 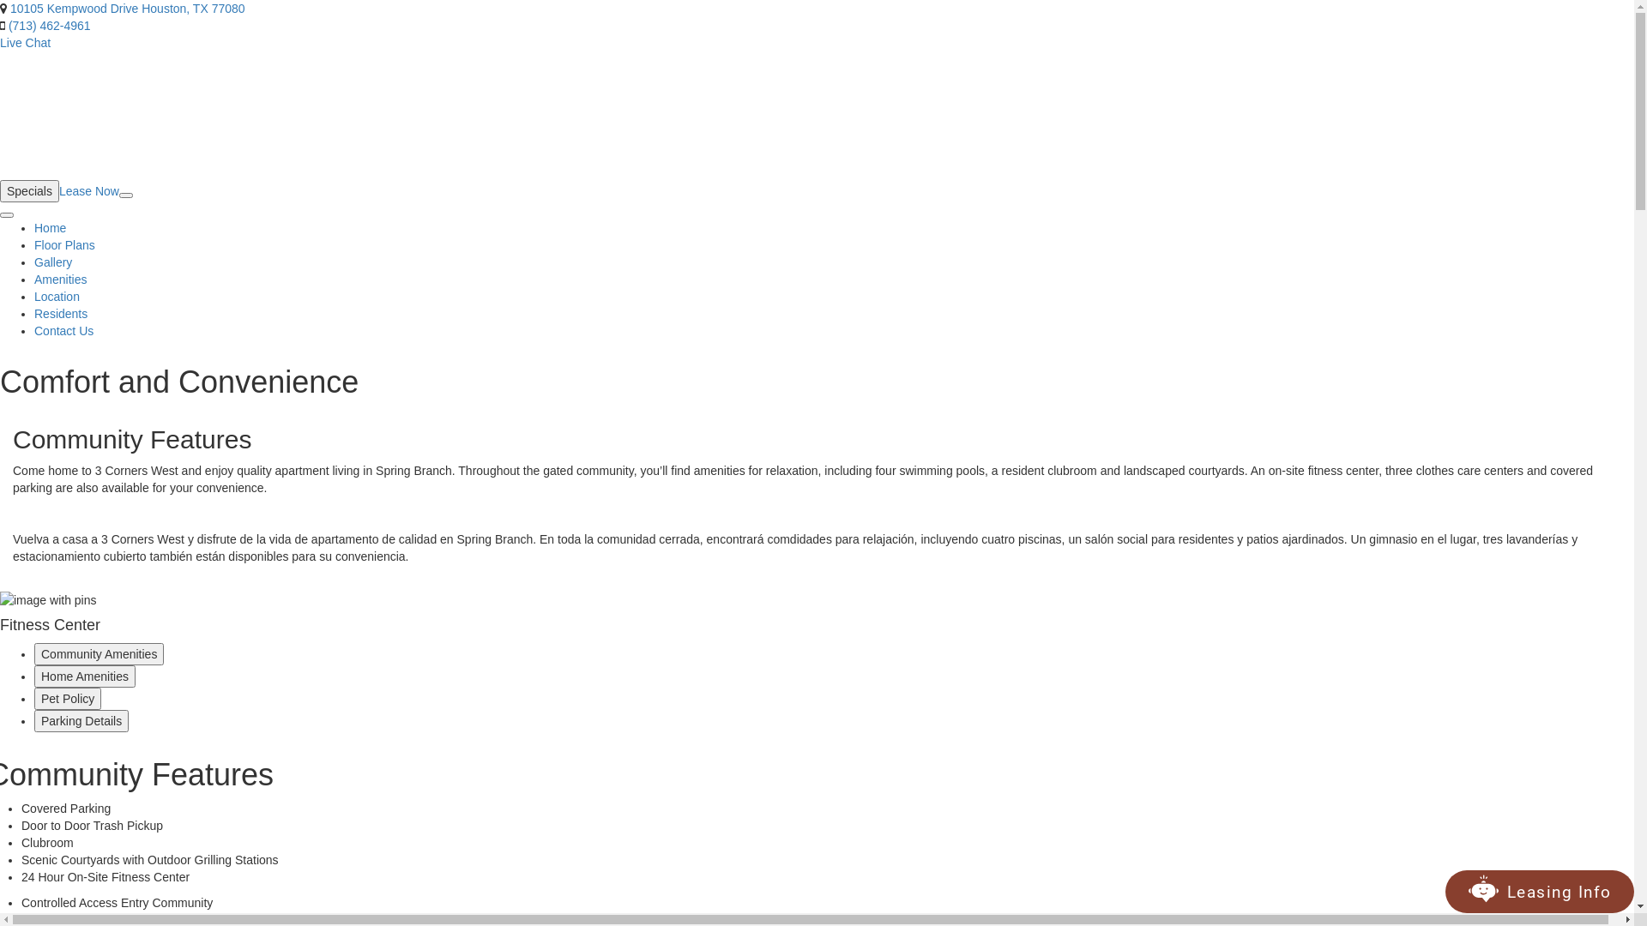 What do you see at coordinates (88, 191) in the screenshot?
I see `'Lease Now'` at bounding box center [88, 191].